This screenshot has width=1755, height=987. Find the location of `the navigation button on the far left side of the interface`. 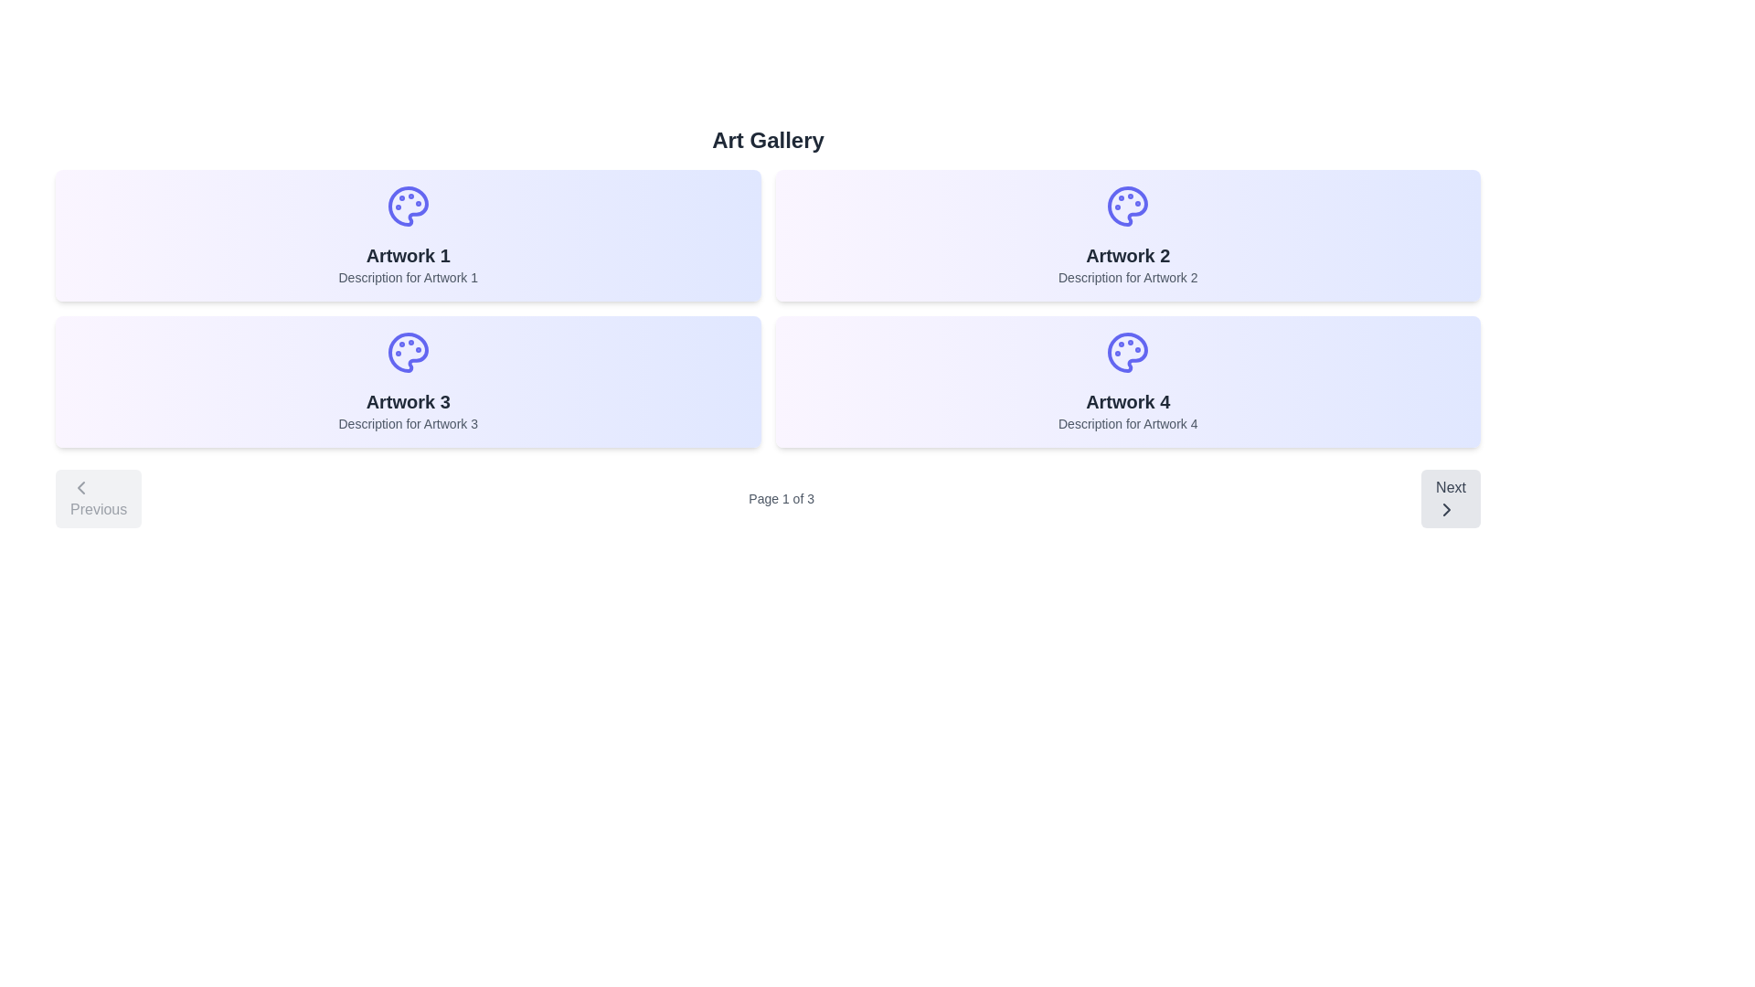

the navigation button on the far left side of the interface is located at coordinates (98, 499).